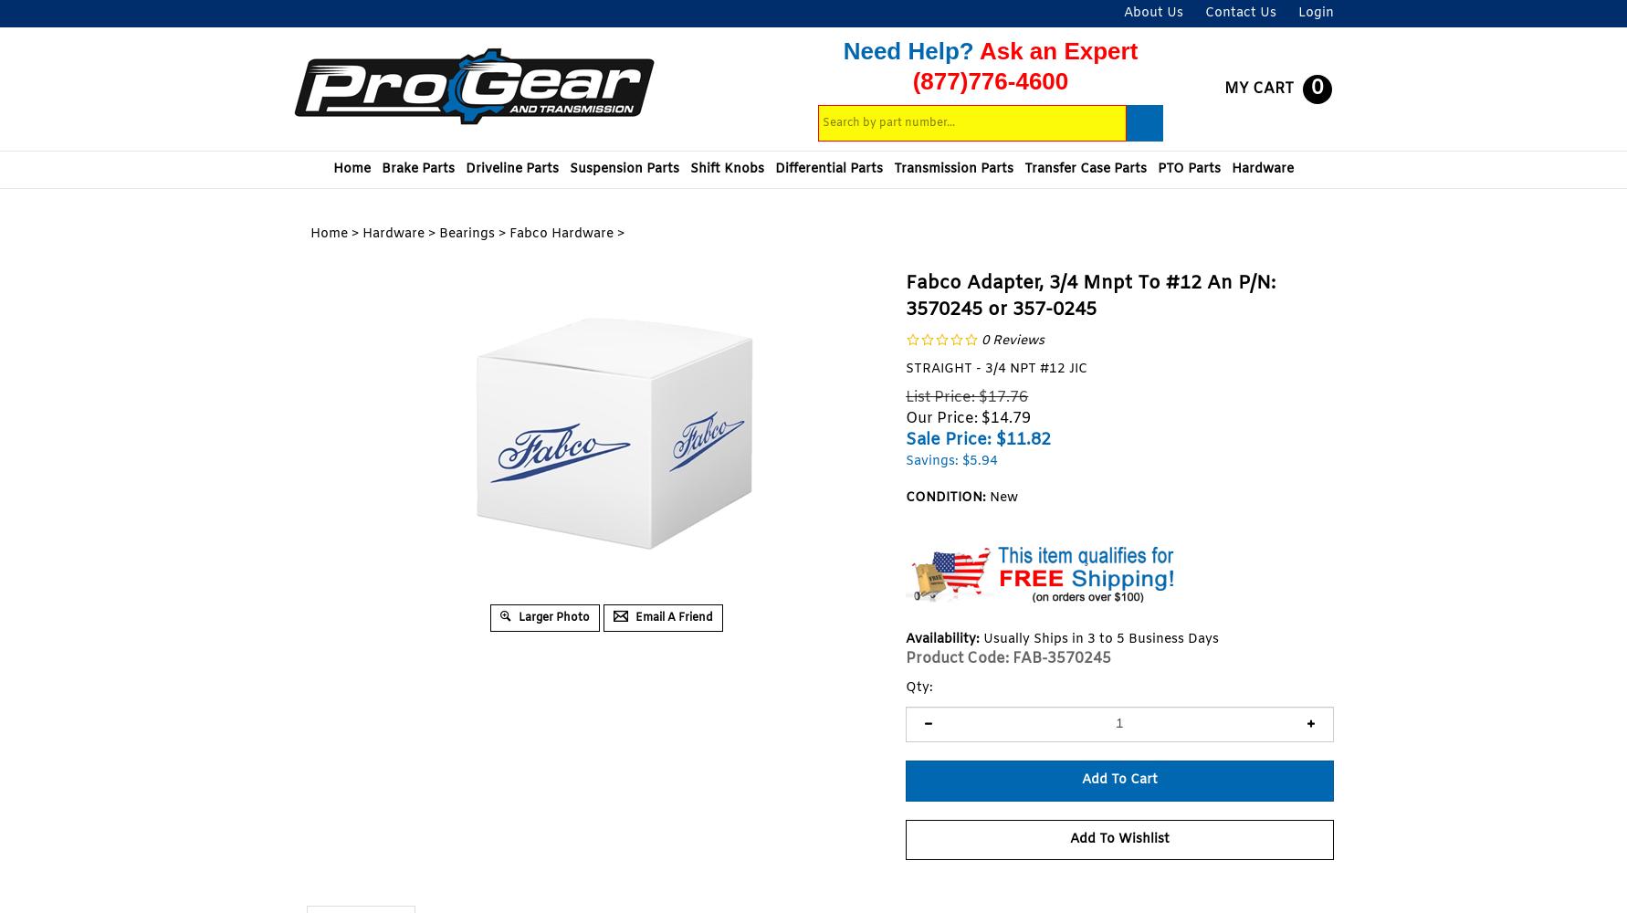 The image size is (1627, 913). What do you see at coordinates (828, 169) in the screenshot?
I see `'Differential Parts'` at bounding box center [828, 169].